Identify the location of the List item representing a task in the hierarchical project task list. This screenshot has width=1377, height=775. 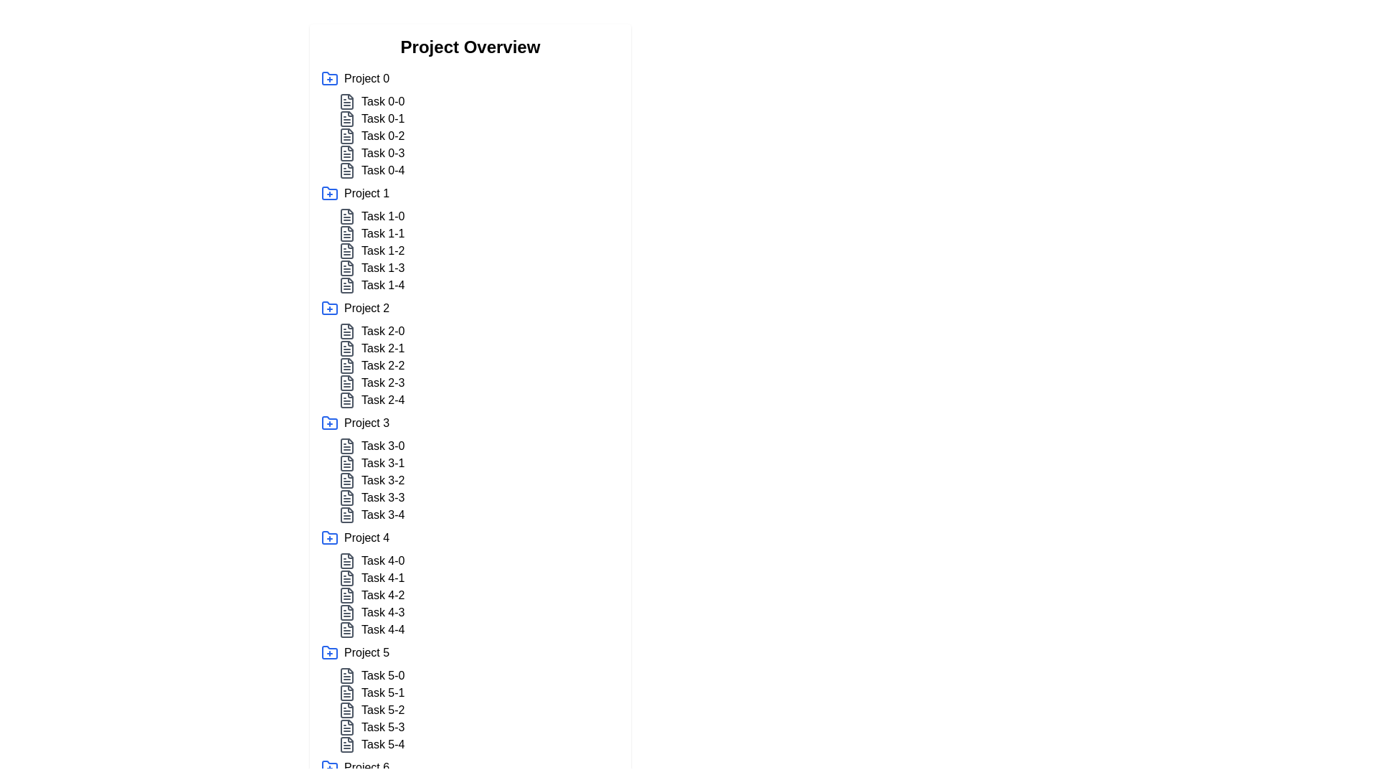
(478, 463).